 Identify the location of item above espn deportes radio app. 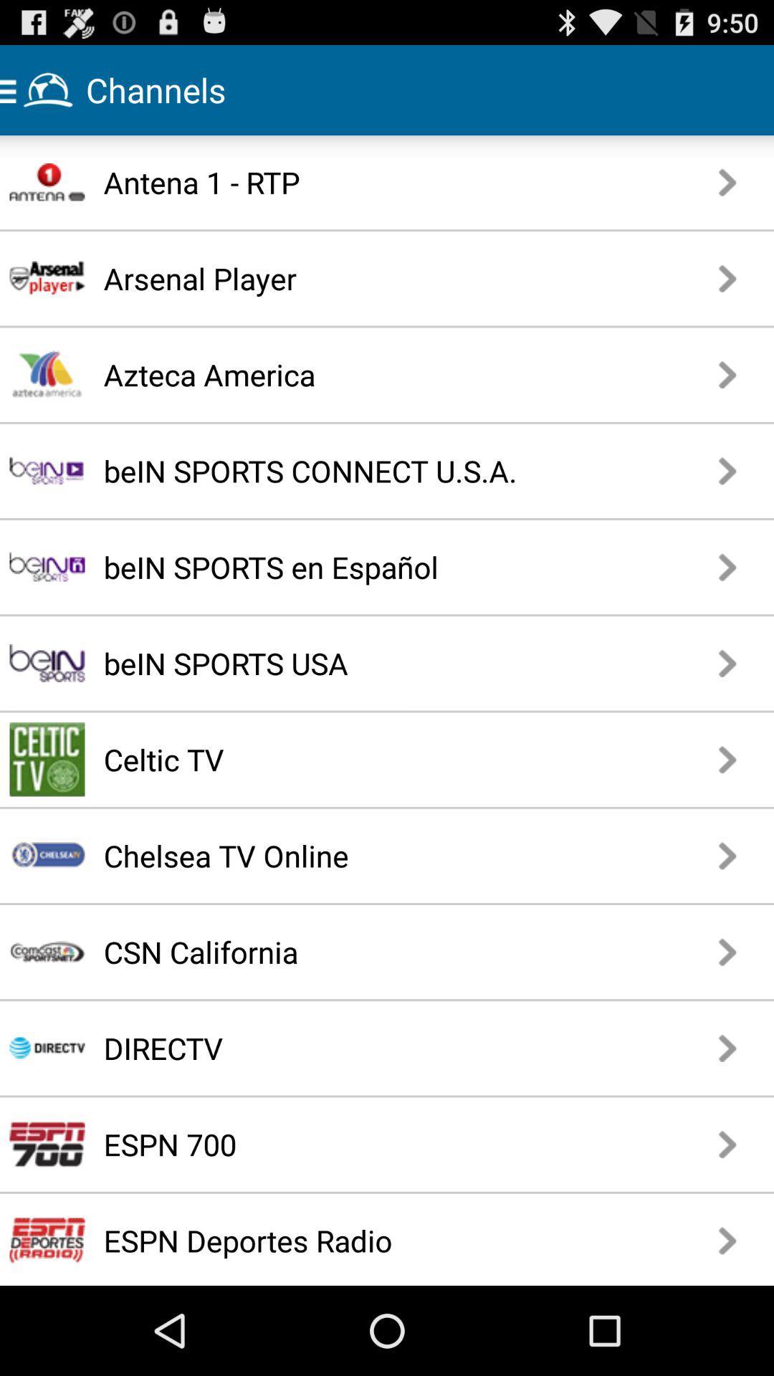
(338, 1143).